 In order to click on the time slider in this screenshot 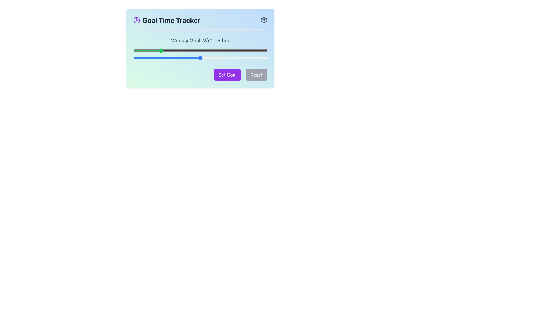, I will do `click(187, 50)`.